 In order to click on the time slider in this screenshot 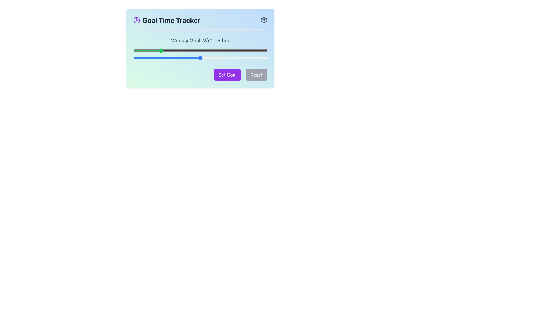, I will do `click(187, 50)`.